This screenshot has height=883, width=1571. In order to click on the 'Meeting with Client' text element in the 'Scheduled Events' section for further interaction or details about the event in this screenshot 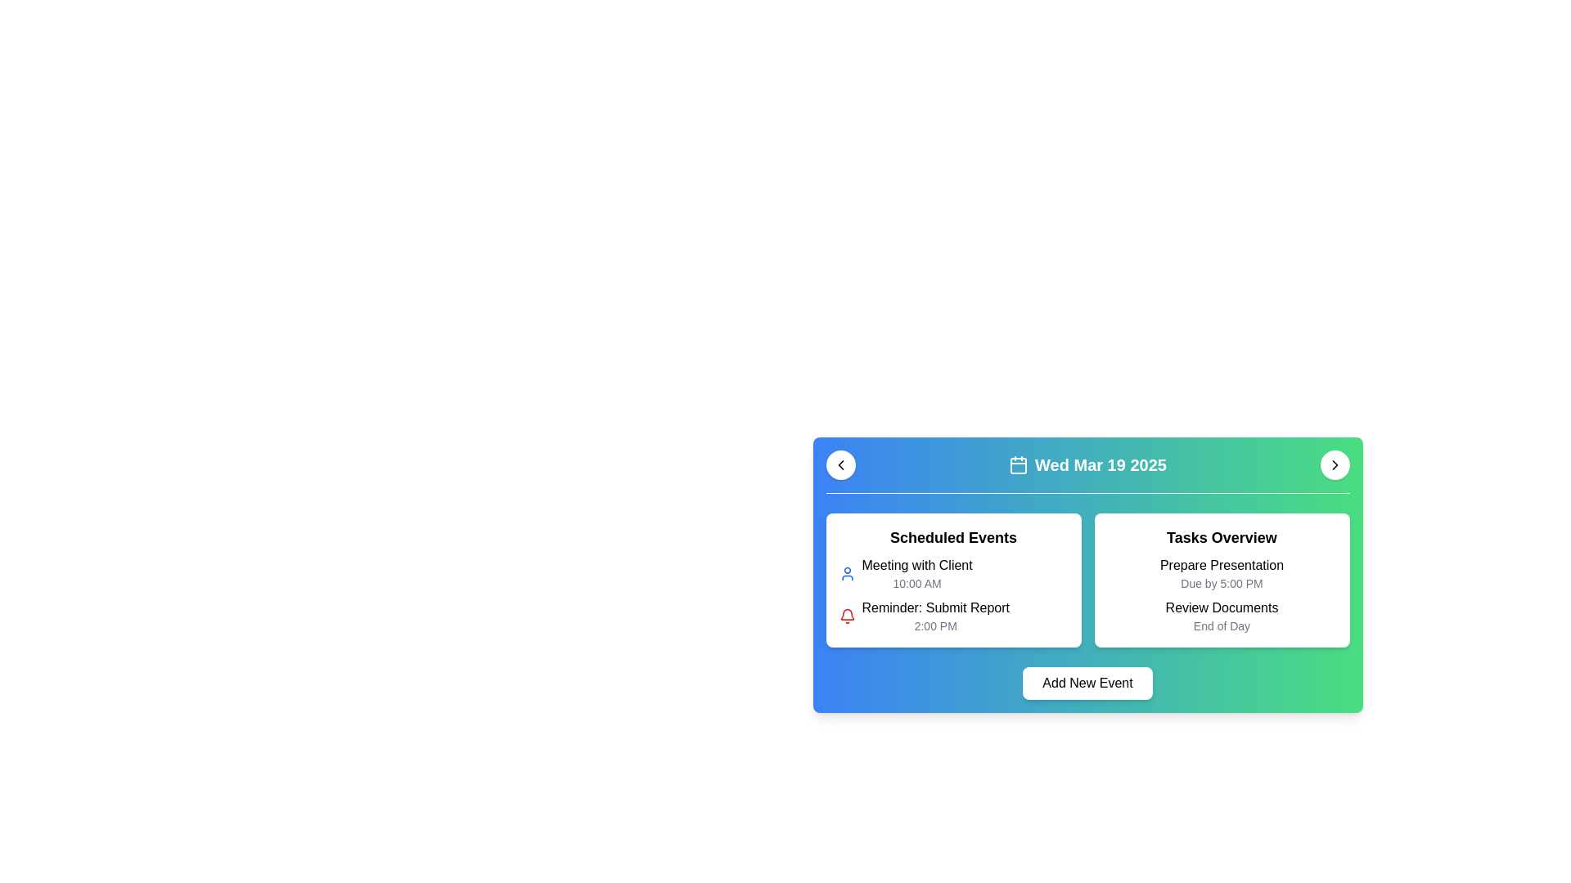, I will do `click(917, 573)`.